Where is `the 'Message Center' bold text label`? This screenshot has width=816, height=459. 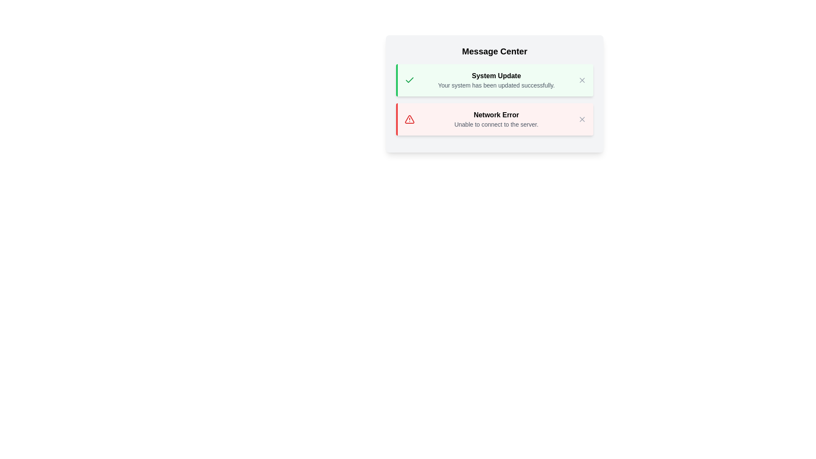
the 'Message Center' bold text label is located at coordinates (494, 51).